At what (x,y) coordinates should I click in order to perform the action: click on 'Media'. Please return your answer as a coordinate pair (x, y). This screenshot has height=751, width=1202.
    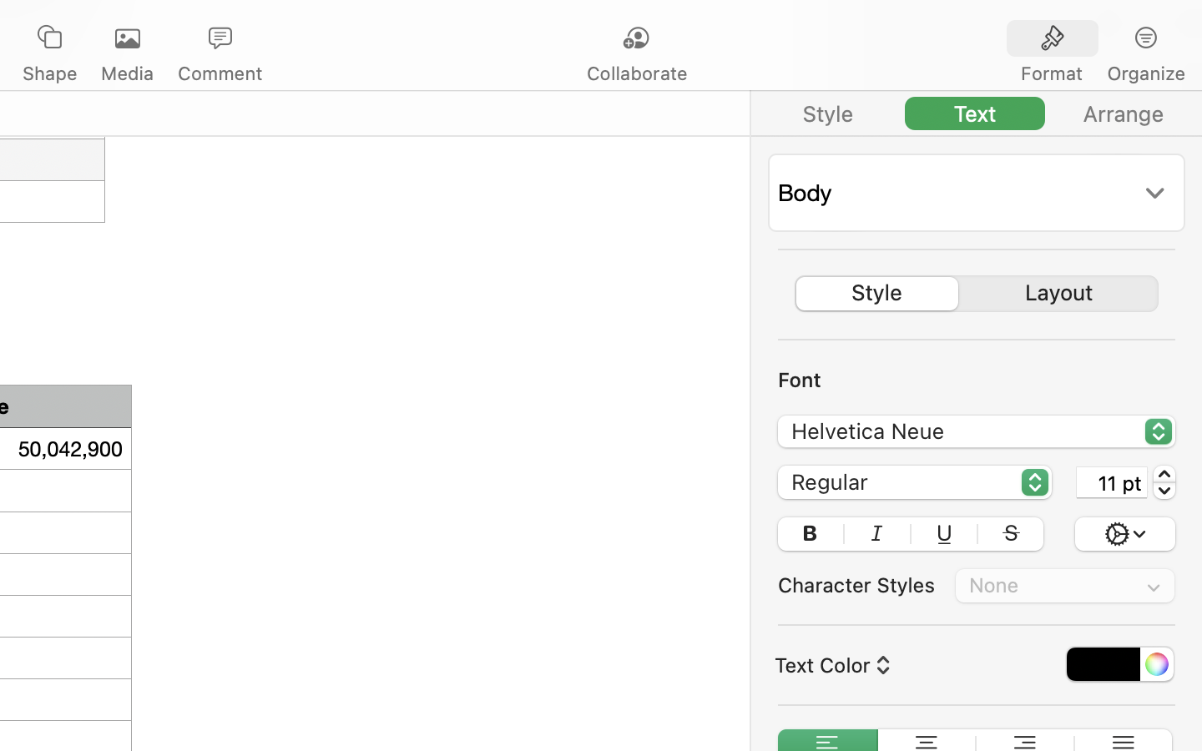
    Looking at the image, I should click on (126, 73).